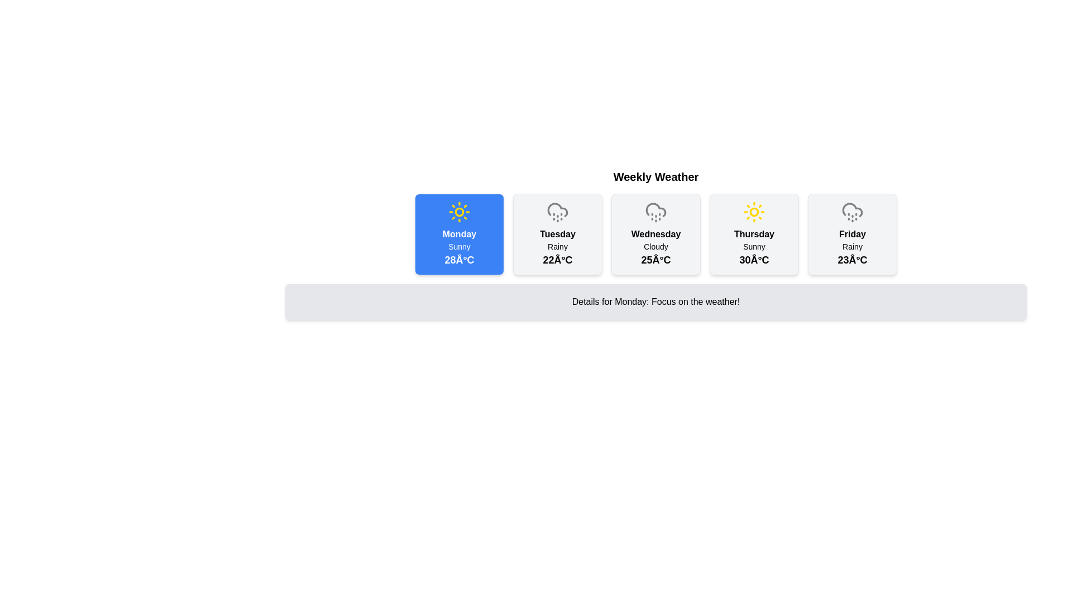  I want to click on the text label that conveys the weather condition 'Sunny', which is located below the label 'Thursday' and above the temperature information, so click(754, 246).